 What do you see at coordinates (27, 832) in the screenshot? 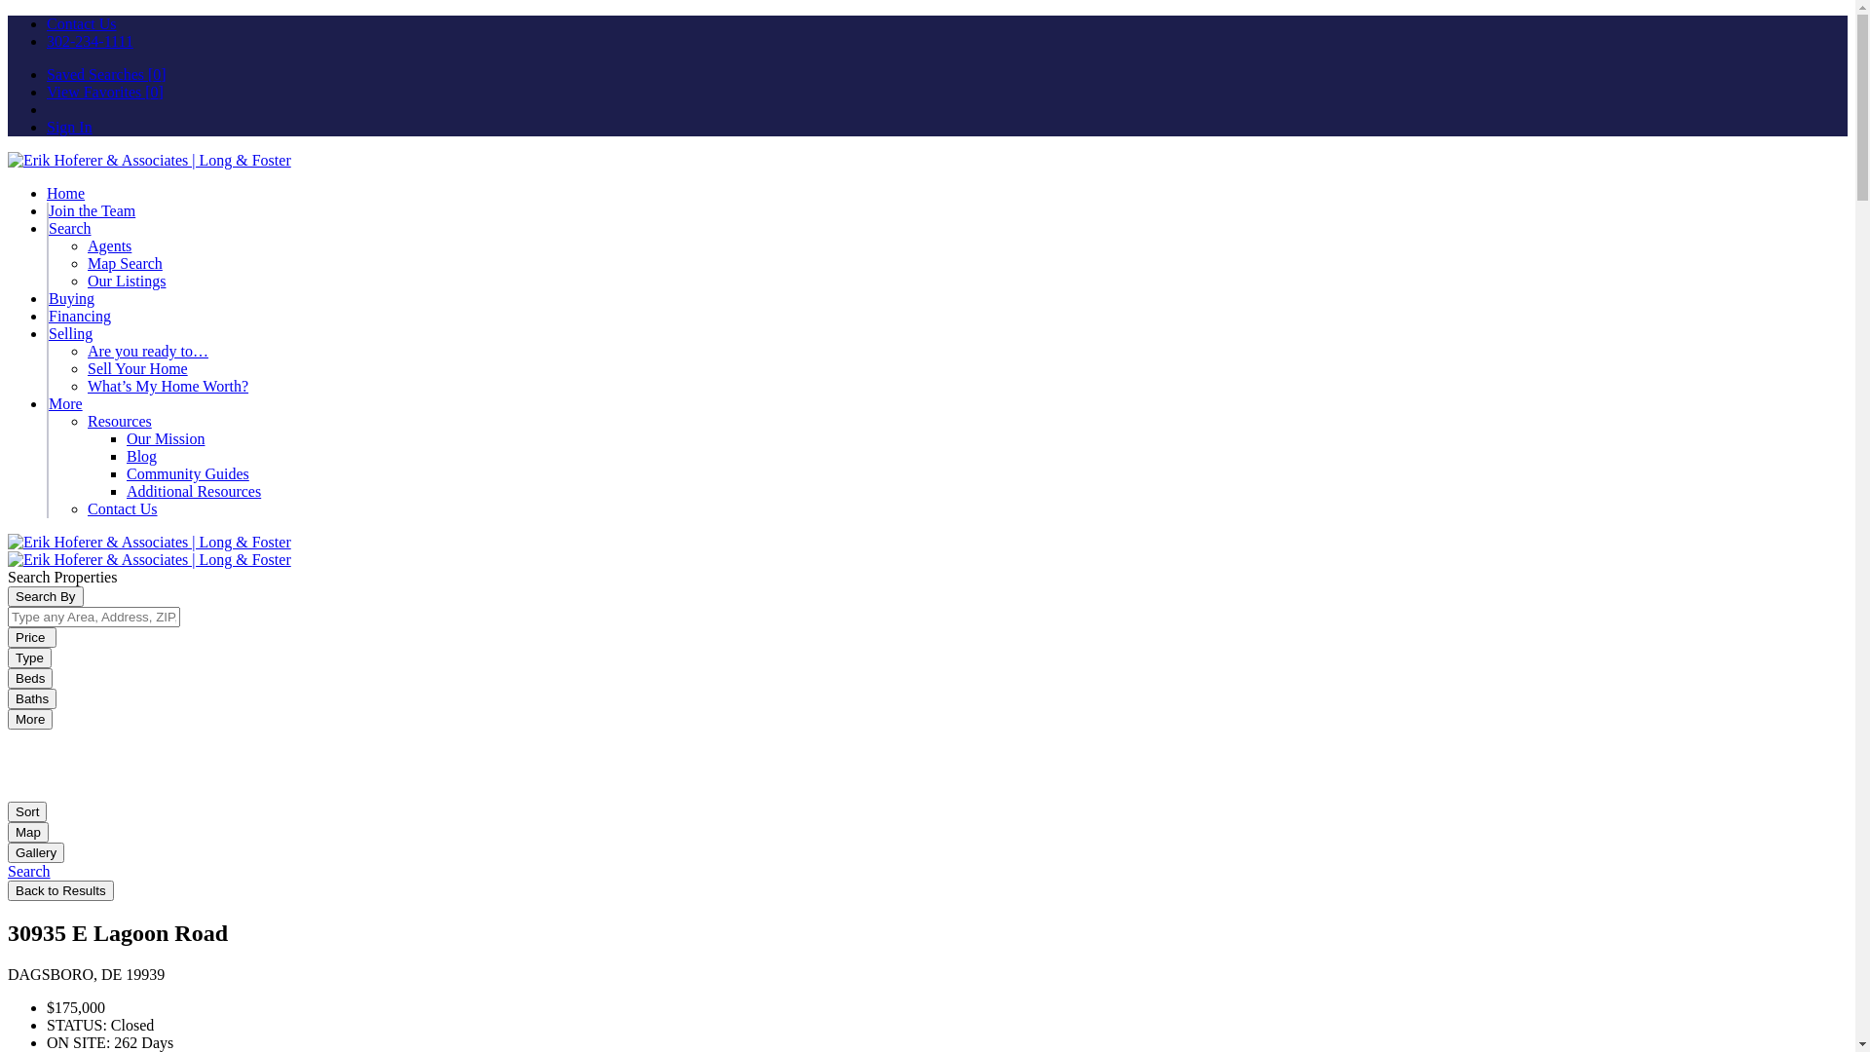
I see `'Map'` at bounding box center [27, 832].